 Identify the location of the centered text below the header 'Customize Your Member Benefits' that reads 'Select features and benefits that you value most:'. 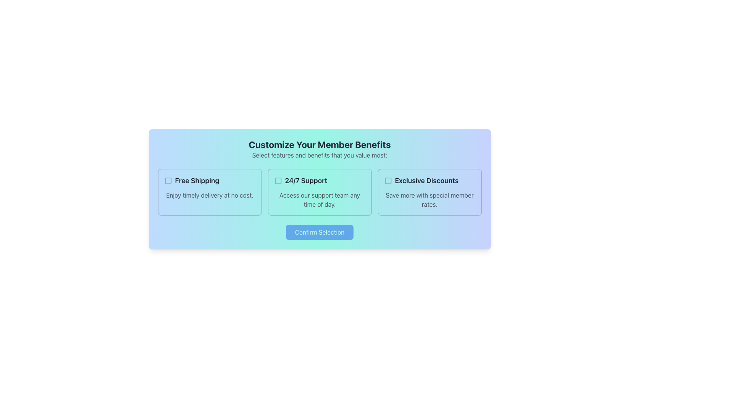
(320, 155).